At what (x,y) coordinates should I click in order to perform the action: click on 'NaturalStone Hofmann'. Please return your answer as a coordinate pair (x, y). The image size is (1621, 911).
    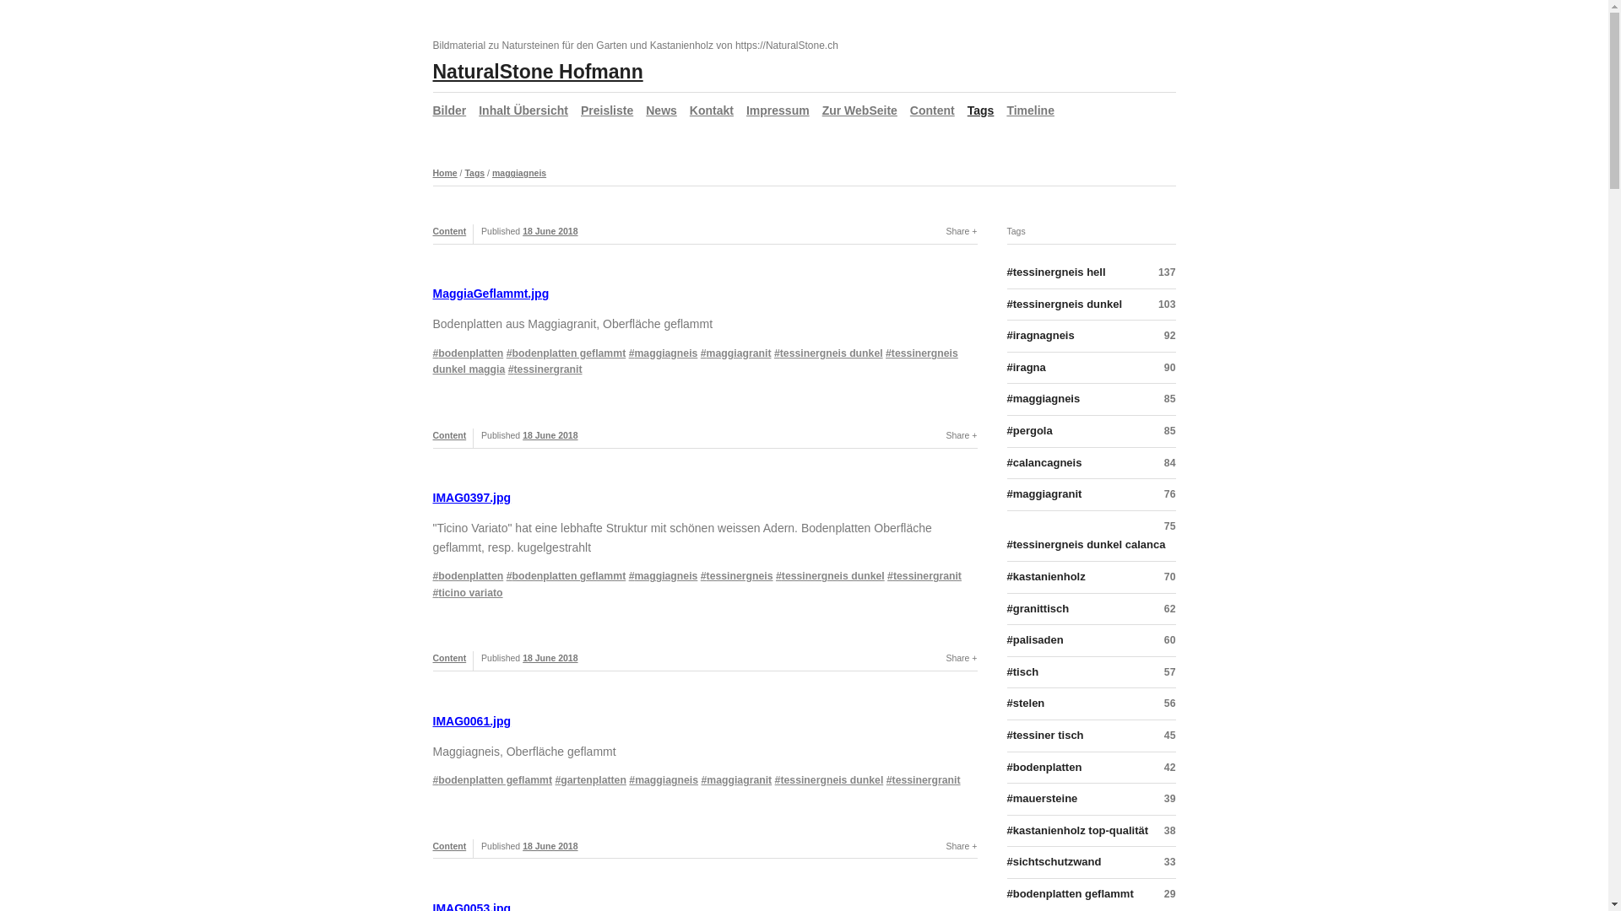
    Looking at the image, I should click on (536, 70).